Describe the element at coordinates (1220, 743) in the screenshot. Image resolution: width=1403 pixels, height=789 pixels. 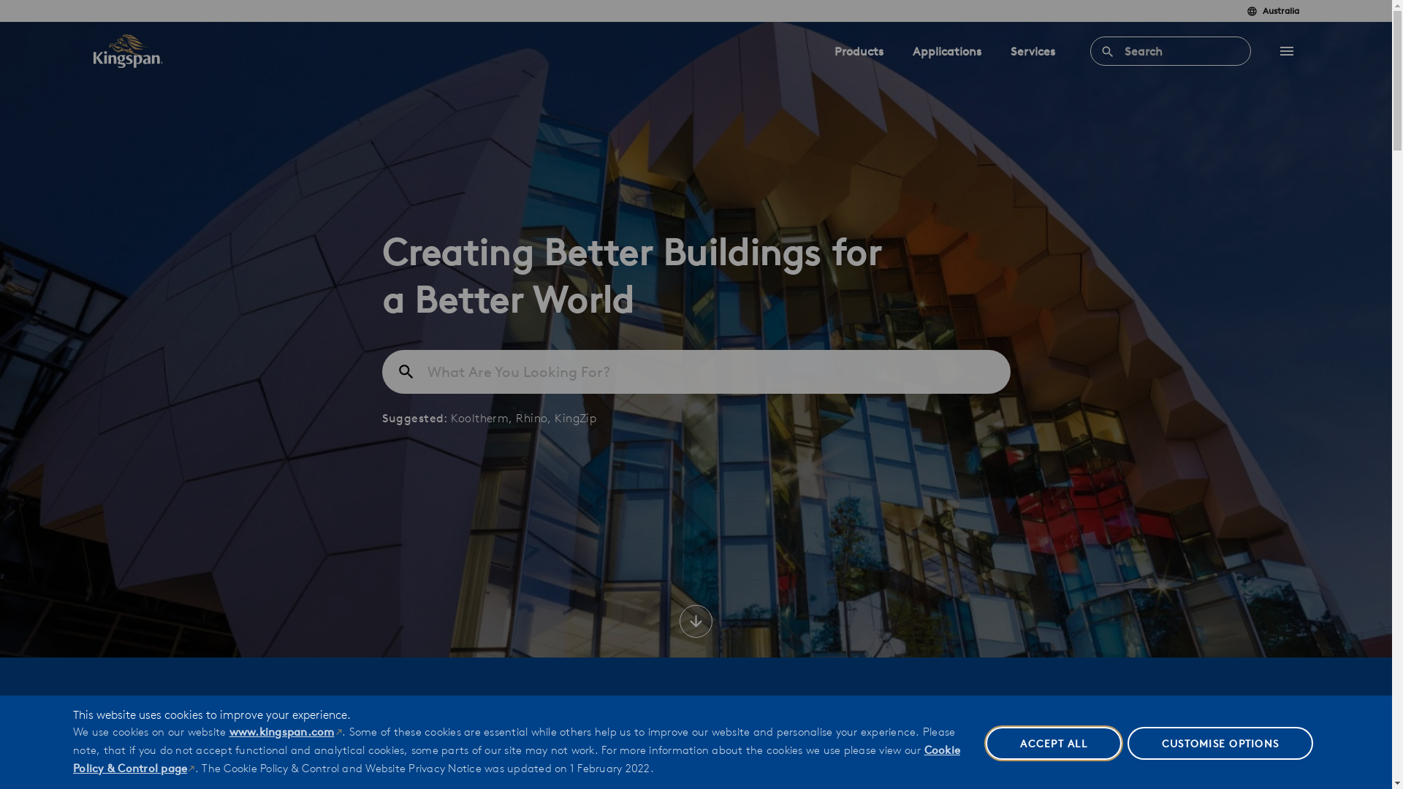
I see `'CUSTOMISE OPTIONS'` at that location.